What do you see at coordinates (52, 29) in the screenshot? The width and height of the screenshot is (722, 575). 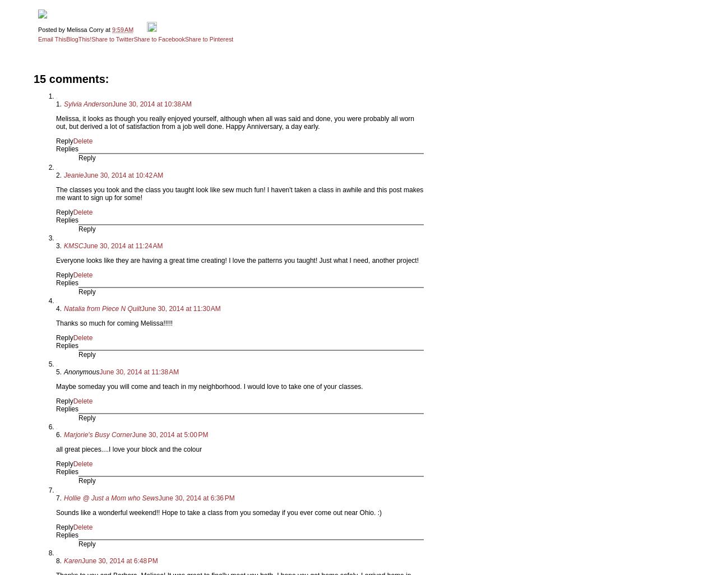 I see `'Posted by'` at bounding box center [52, 29].